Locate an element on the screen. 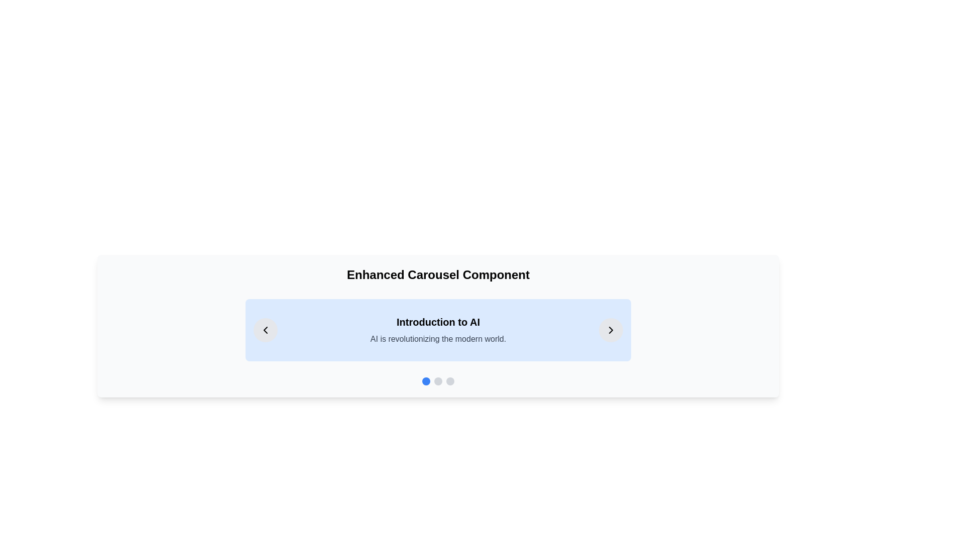  the first blue Navigation indicator dot located below the carousel is located at coordinates (426, 381).